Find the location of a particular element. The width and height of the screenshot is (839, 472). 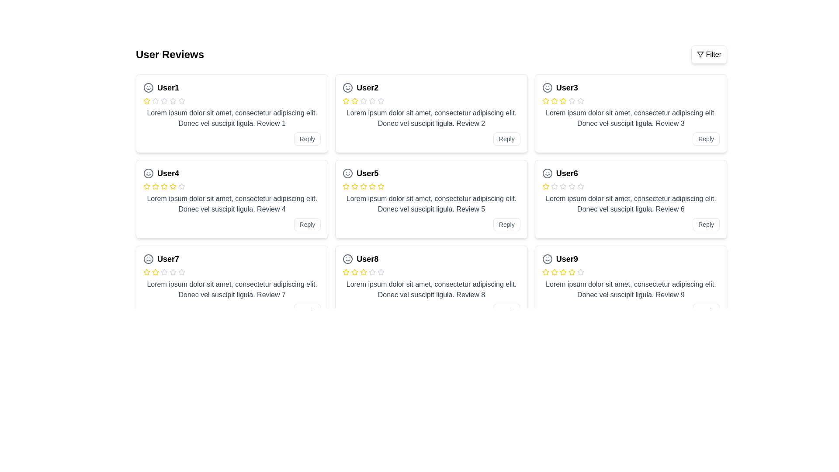

the first star icon in the rating system for User7's review is located at coordinates (147, 271).